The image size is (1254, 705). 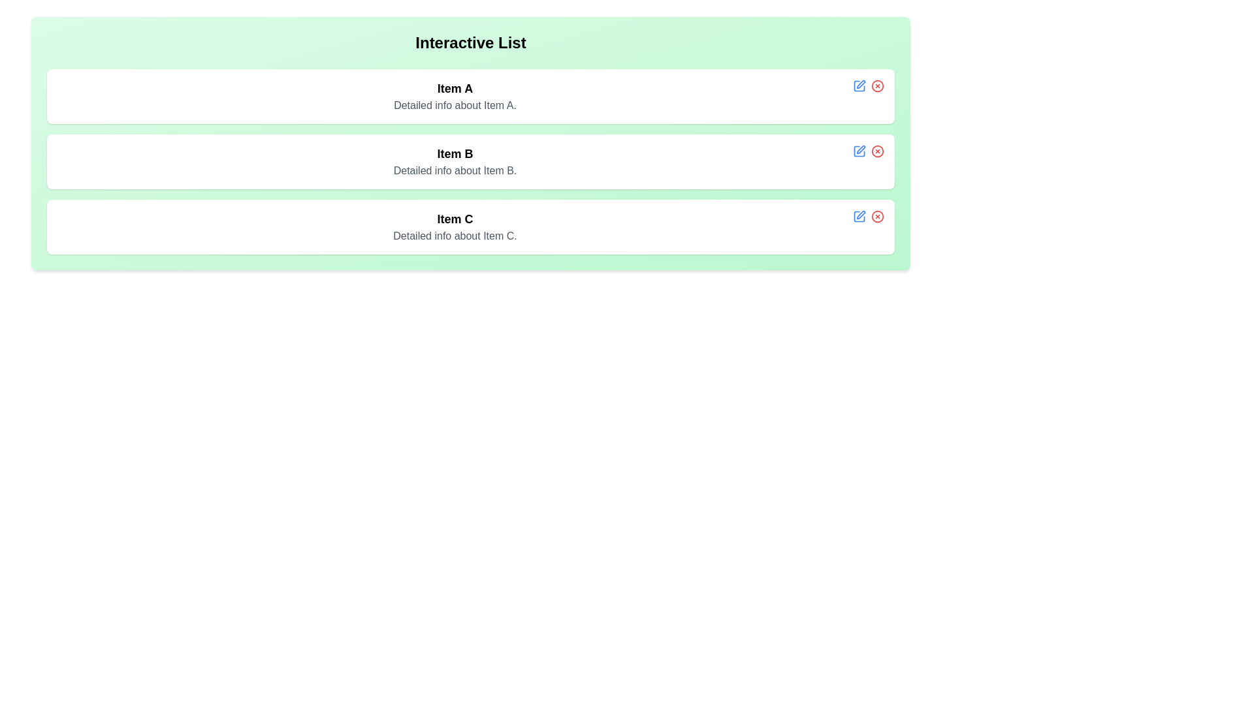 I want to click on the text label that displays 'Item B', which is styled with a larger font size and bold weight, located between 'Item A' and 'Item C' in a vertical list, so click(x=455, y=153).